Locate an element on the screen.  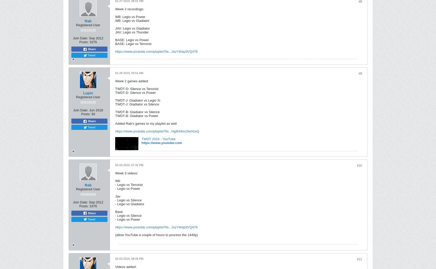
'(allow YouTube a couple of hours to process the 1440p)' is located at coordinates (156, 235).